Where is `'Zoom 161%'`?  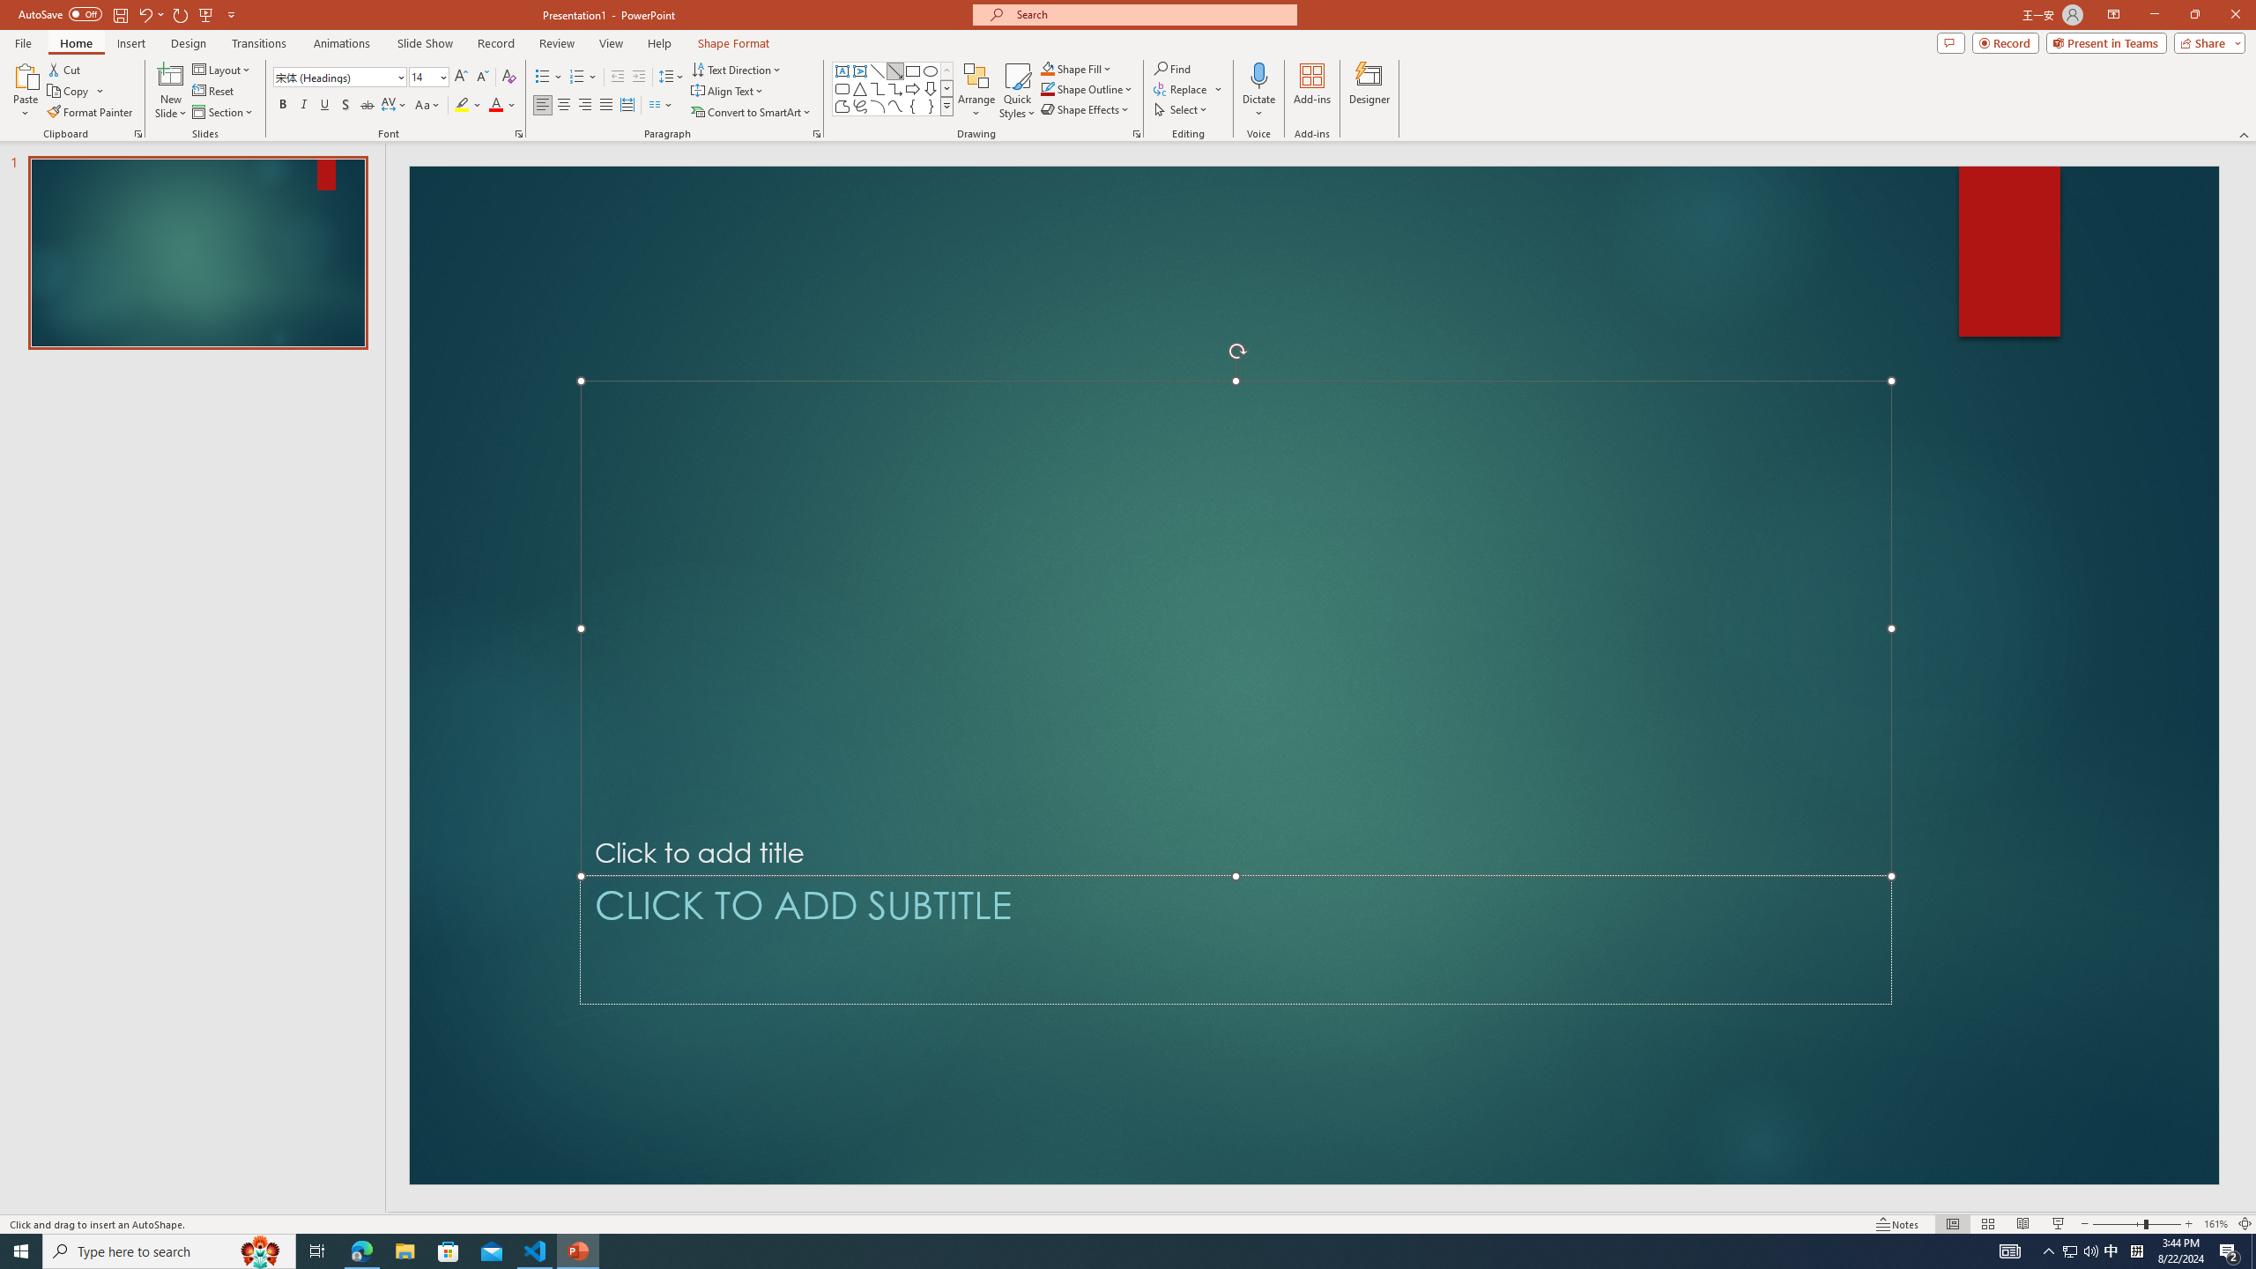
'Zoom 161%' is located at coordinates (2216, 1224).